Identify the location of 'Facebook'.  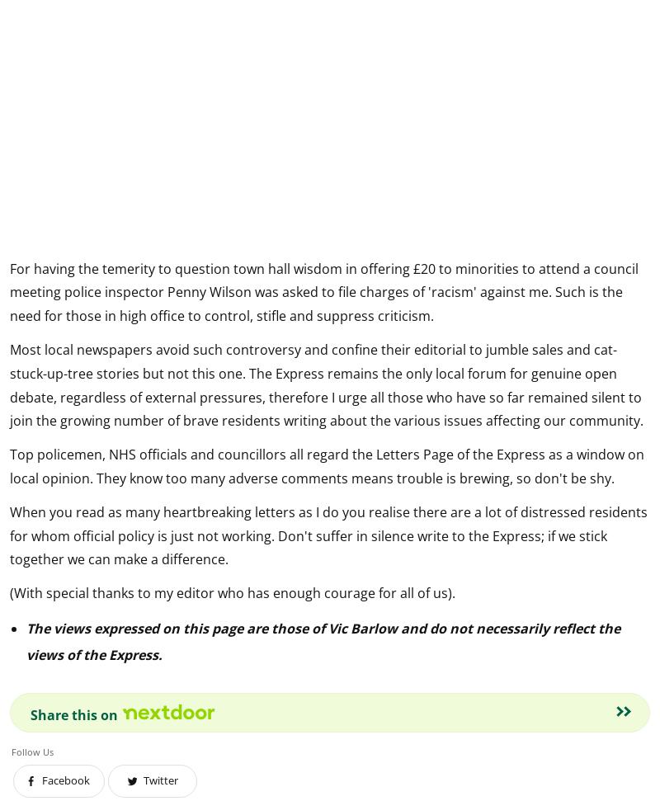
(66, 780).